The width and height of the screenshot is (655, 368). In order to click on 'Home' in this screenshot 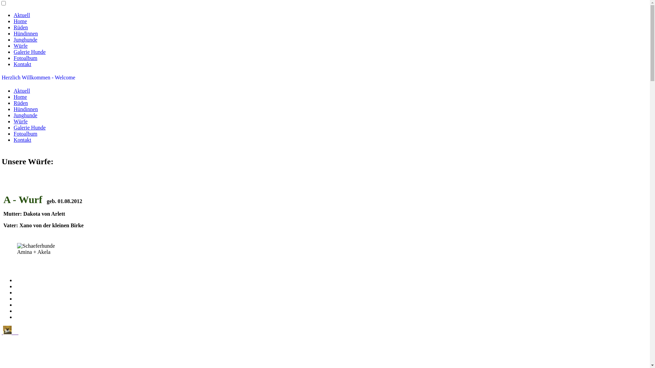, I will do `click(20, 21)`.